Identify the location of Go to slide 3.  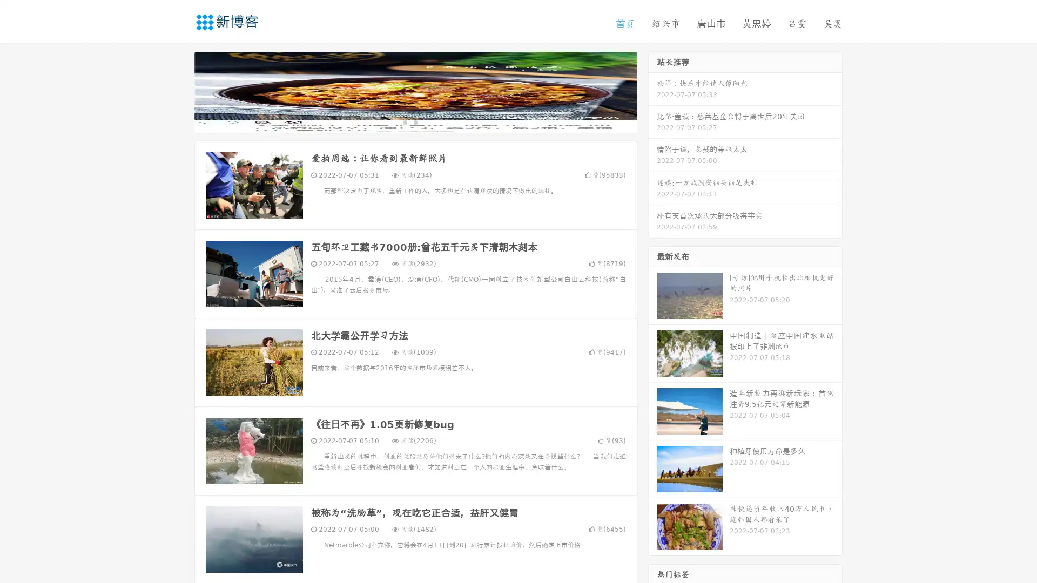
(426, 121).